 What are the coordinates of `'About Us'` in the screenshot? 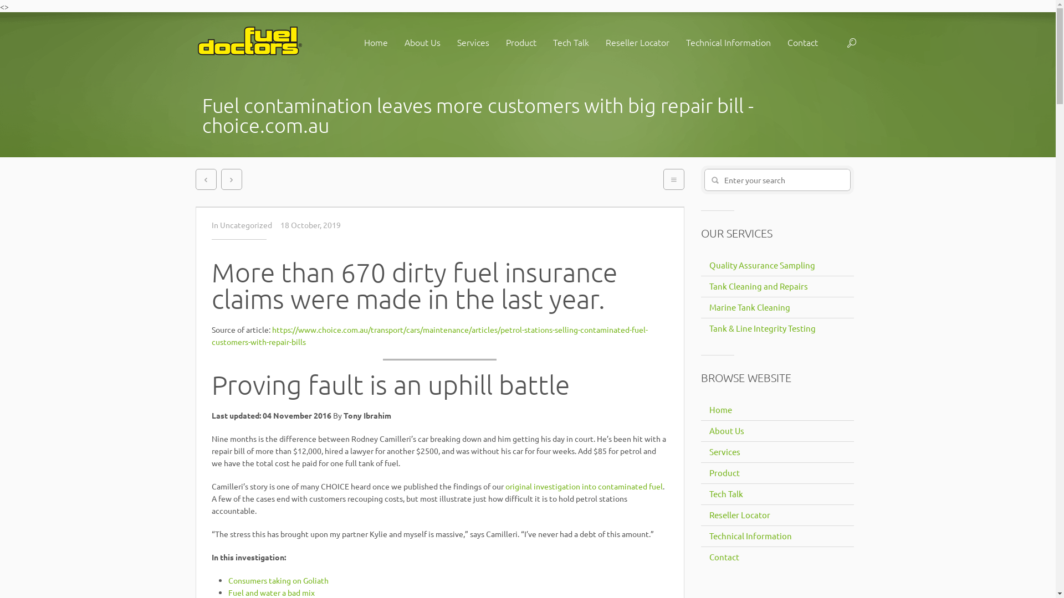 It's located at (421, 42).